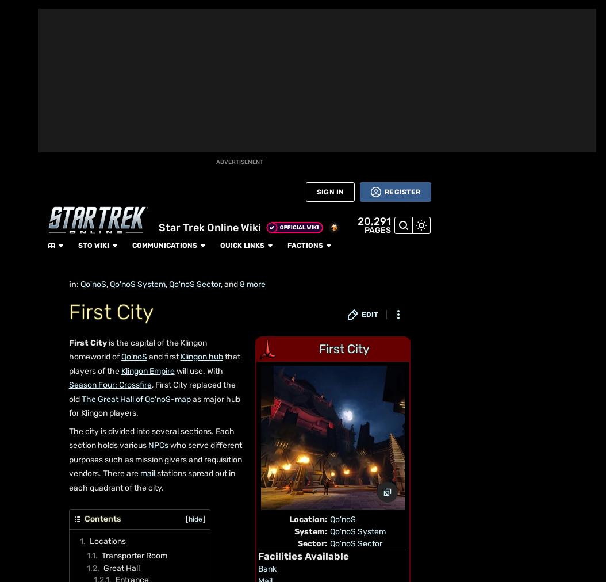  Describe the element at coordinates (234, 446) in the screenshot. I see `'Season Twenty-two: House Reborn'` at that location.